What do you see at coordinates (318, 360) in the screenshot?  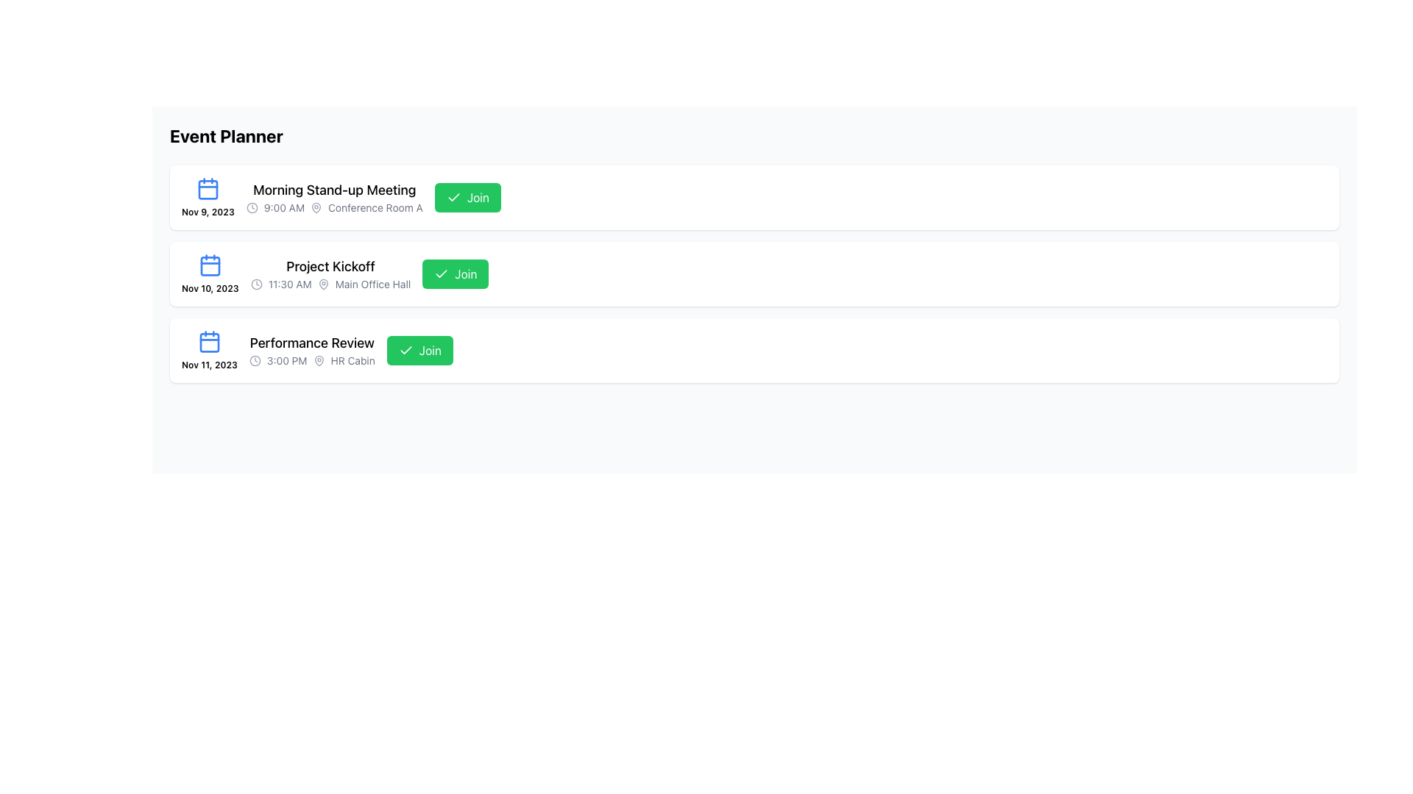 I see `the map pin icon, which is a compact decorative graphic representing a location marker, located to the left of the 'HR Cabin' text in the 'Performance Review' entry` at bounding box center [318, 360].